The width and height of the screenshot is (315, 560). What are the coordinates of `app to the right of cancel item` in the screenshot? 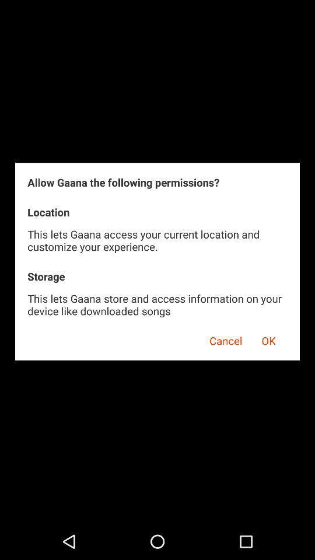 It's located at (268, 339).